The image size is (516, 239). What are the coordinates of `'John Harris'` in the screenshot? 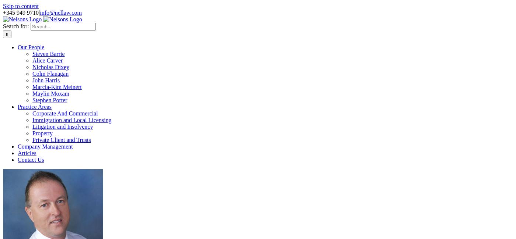 It's located at (46, 80).